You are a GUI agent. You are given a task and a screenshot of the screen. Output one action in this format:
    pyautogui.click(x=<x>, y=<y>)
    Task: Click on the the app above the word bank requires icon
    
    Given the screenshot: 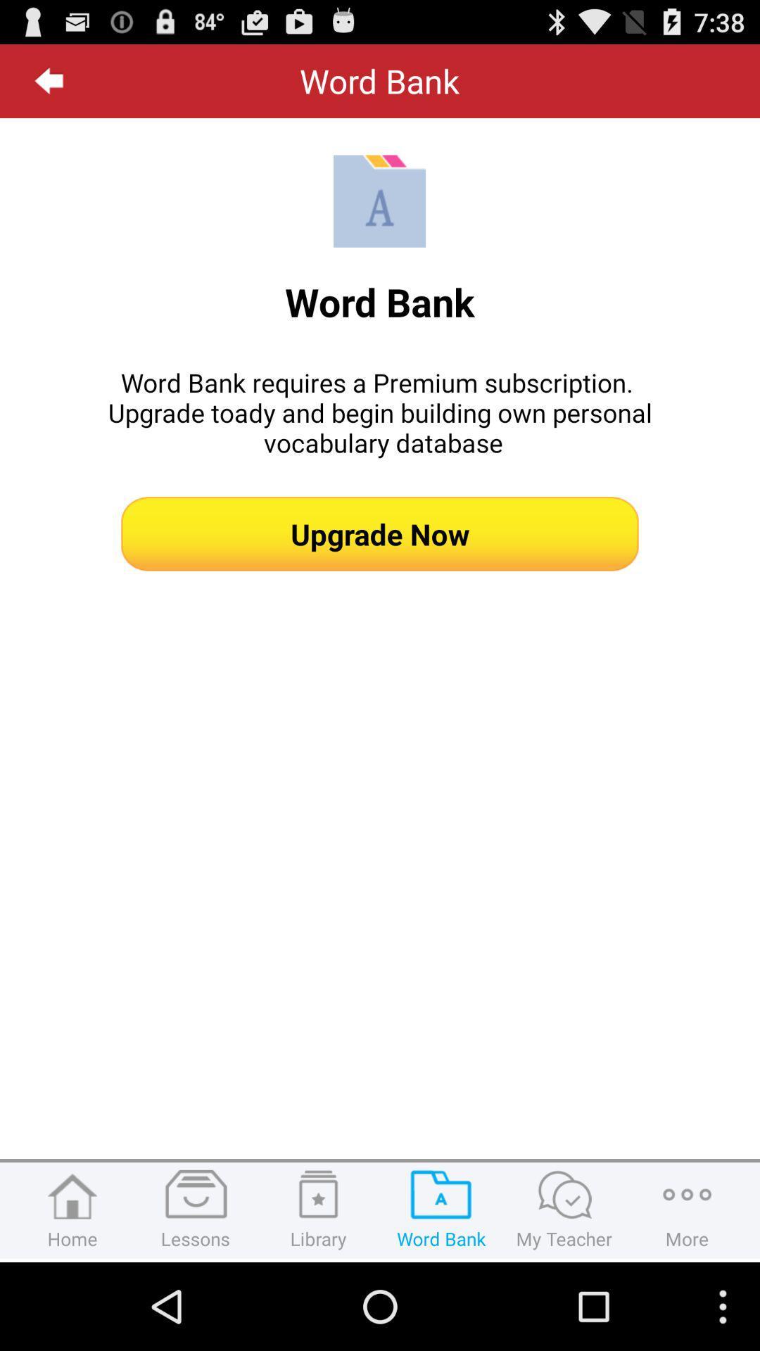 What is the action you would take?
    pyautogui.click(x=49, y=80)
    